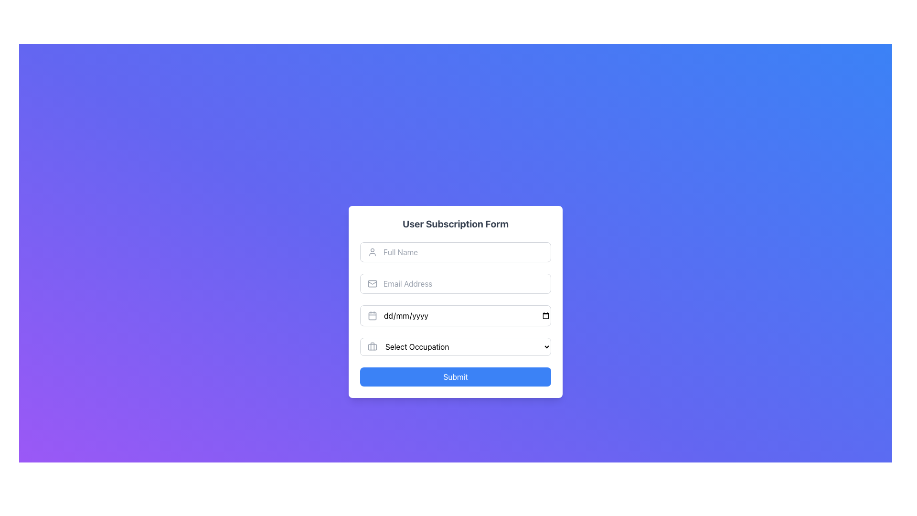 The width and height of the screenshot is (917, 516). What do you see at coordinates (372, 346) in the screenshot?
I see `the briefcase icon located on the left-hand side of the 'Select Occupation' input field` at bounding box center [372, 346].